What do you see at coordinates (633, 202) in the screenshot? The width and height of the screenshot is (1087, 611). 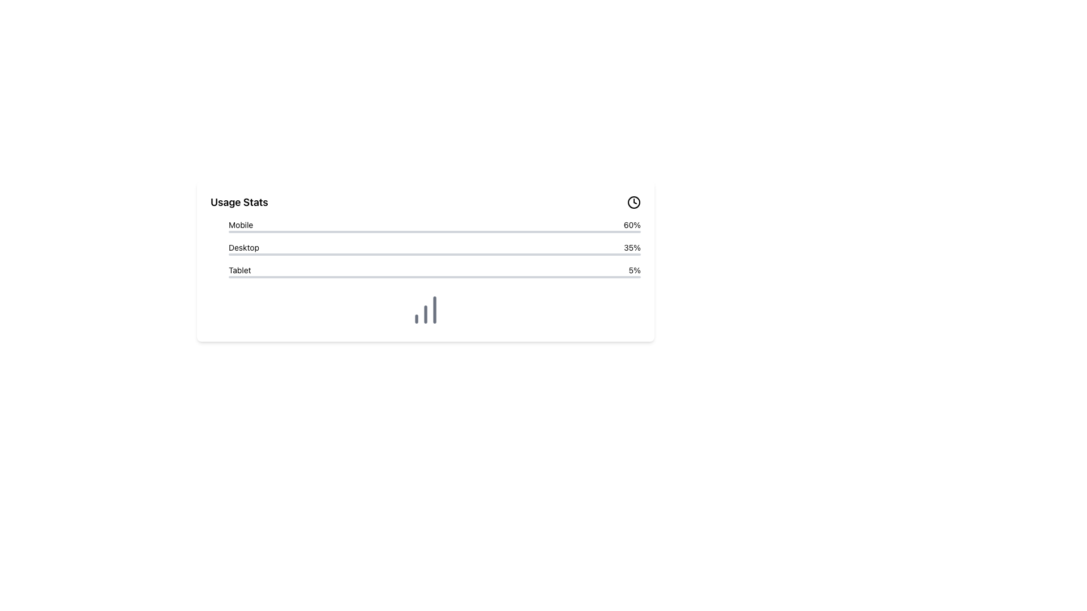 I see `the Decorative SVG Circle that forms the outer rim of the clock icon located in the top-right corner of the 'Usage Stats' card` at bounding box center [633, 202].